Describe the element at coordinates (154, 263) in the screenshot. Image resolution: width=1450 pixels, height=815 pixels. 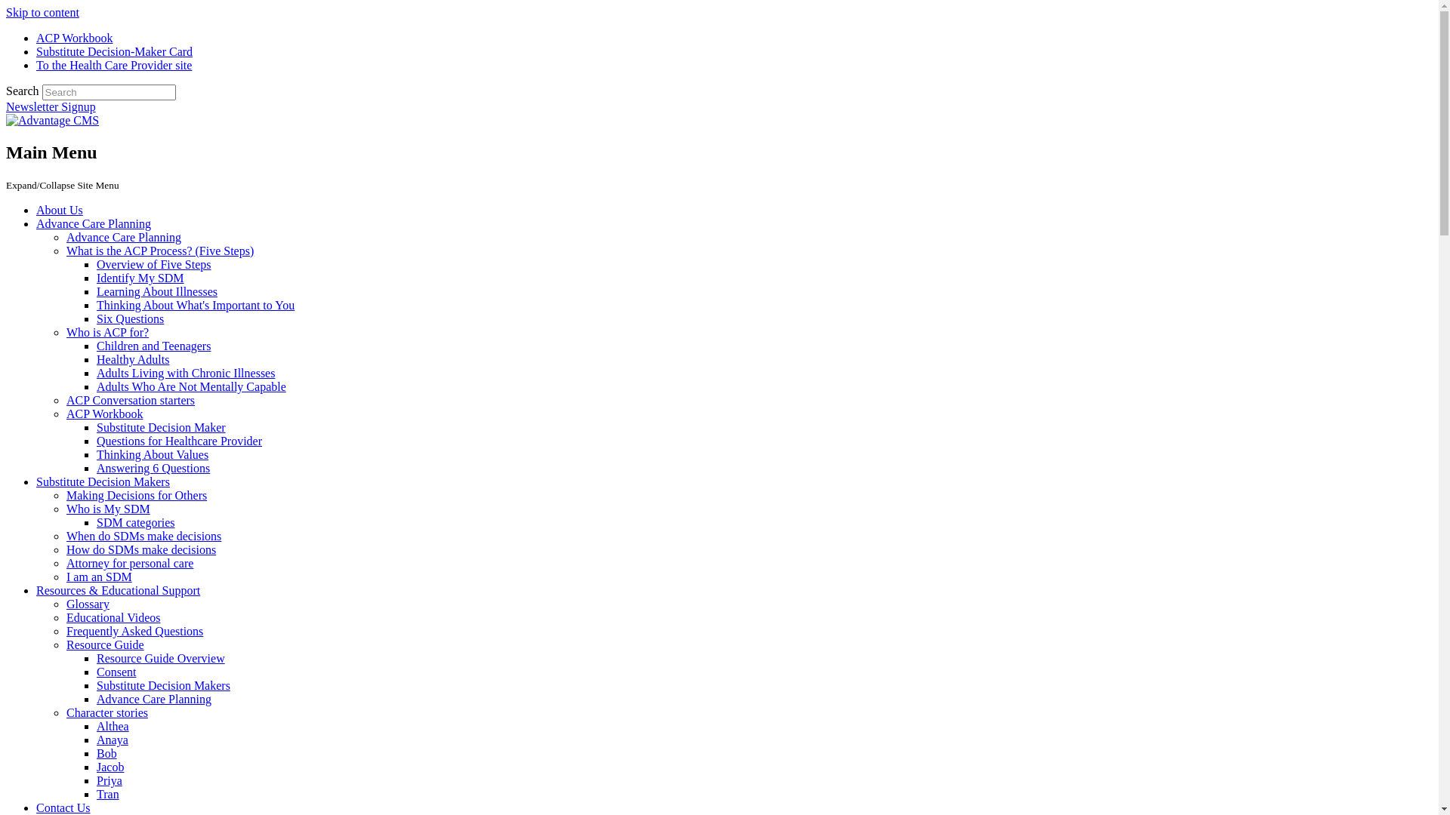
I see `'Overview of Five Steps'` at that location.